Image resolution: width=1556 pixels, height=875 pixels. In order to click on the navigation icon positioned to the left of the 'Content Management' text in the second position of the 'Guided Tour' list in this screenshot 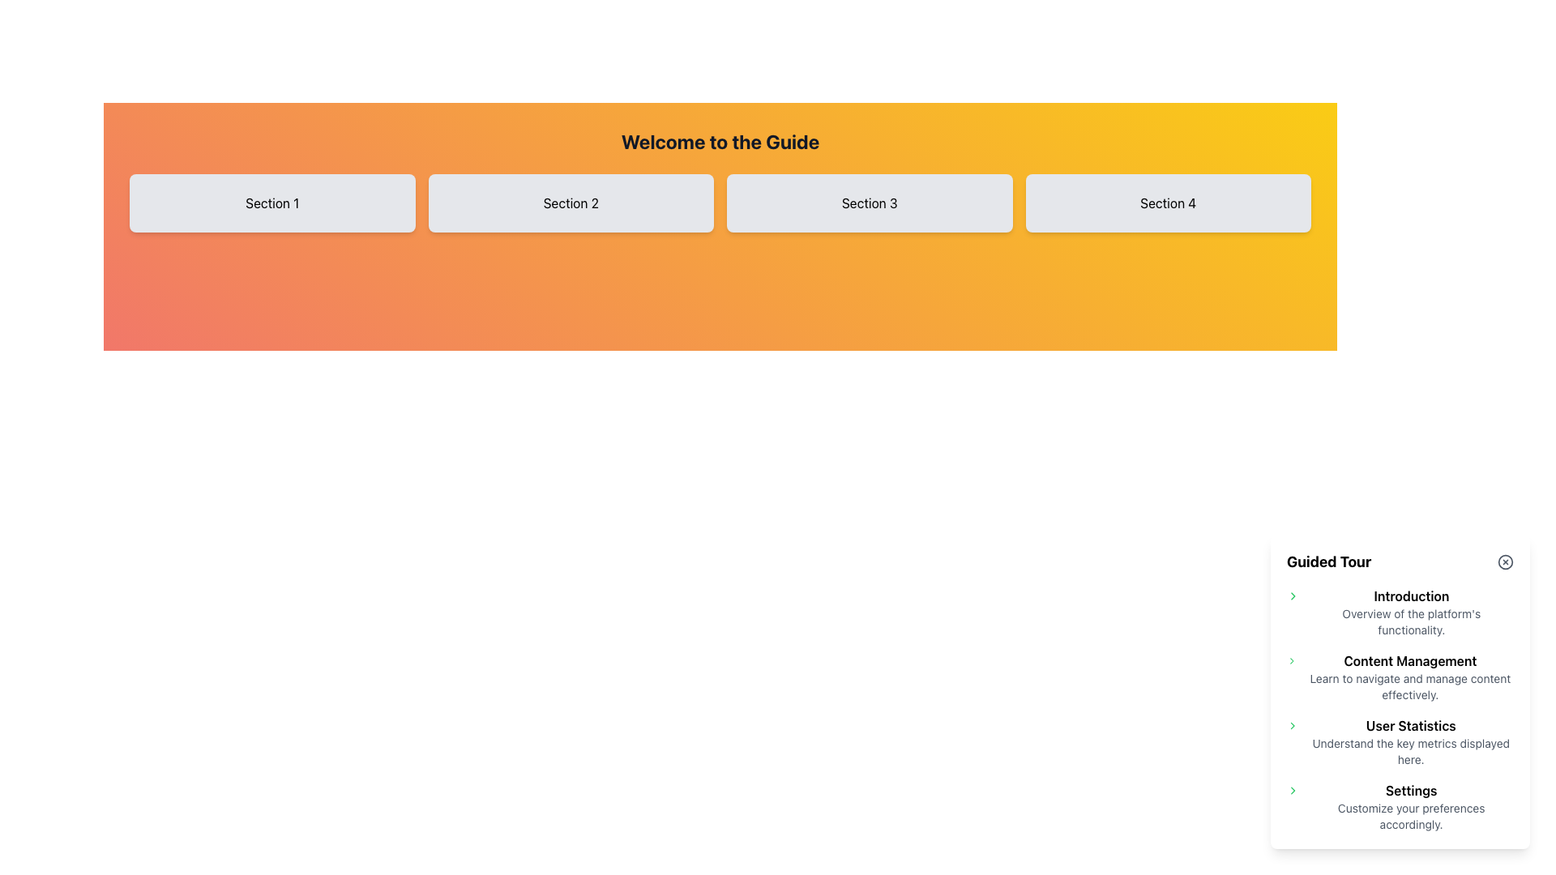, I will do `click(1291, 661)`.